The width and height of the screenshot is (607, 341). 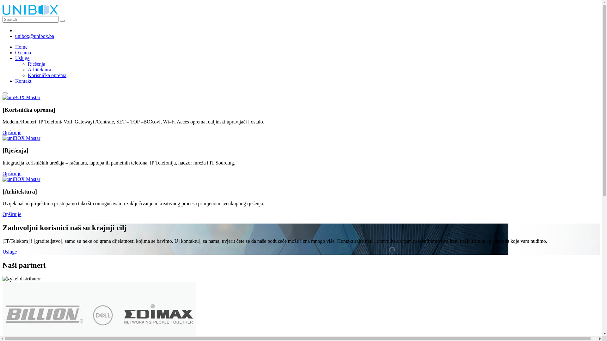 I want to click on 'O nama', so click(x=23, y=52).